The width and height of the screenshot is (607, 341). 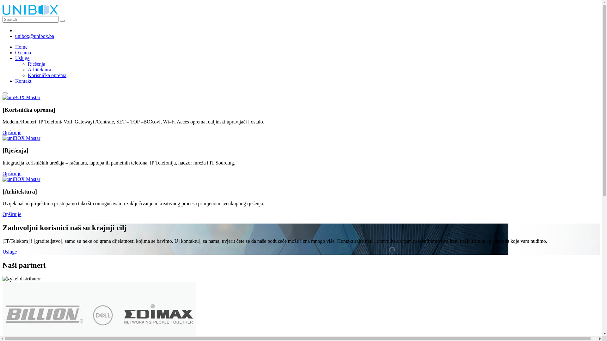 I want to click on 'O nama', so click(x=23, y=52).